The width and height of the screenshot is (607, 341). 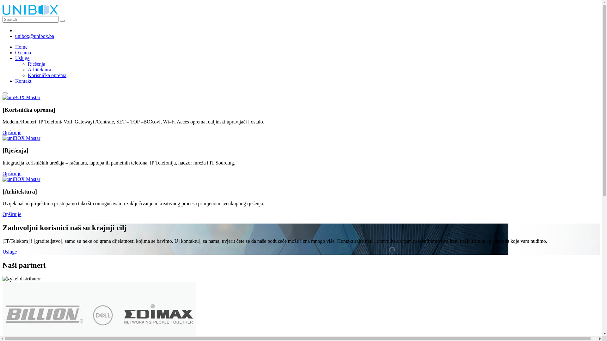 I want to click on 'O nama', so click(x=23, y=52).